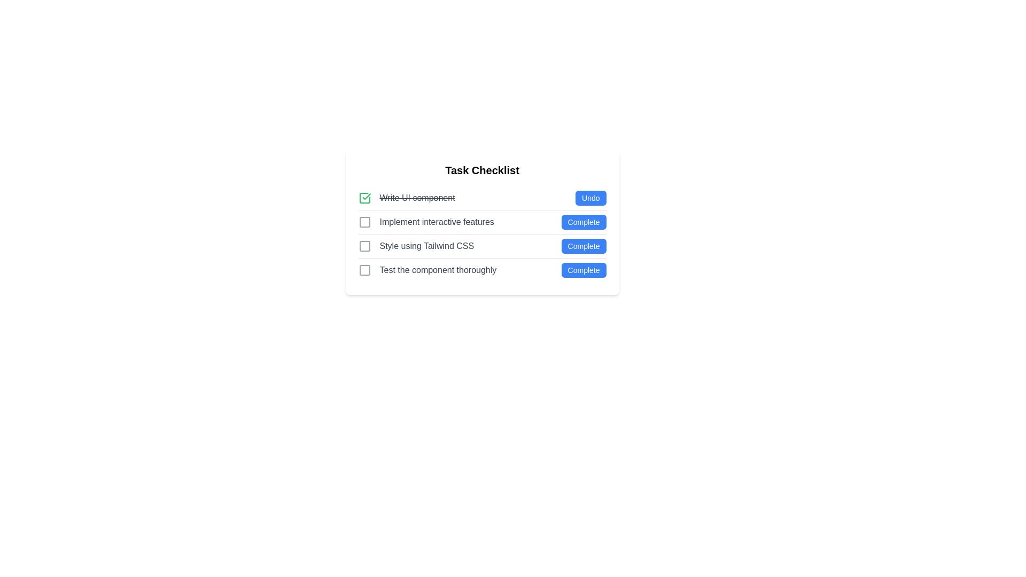 Image resolution: width=1026 pixels, height=577 pixels. I want to click on the SVG graphic representing the check icon background that indicates completion for the item 'Write UI component', so click(364, 198).